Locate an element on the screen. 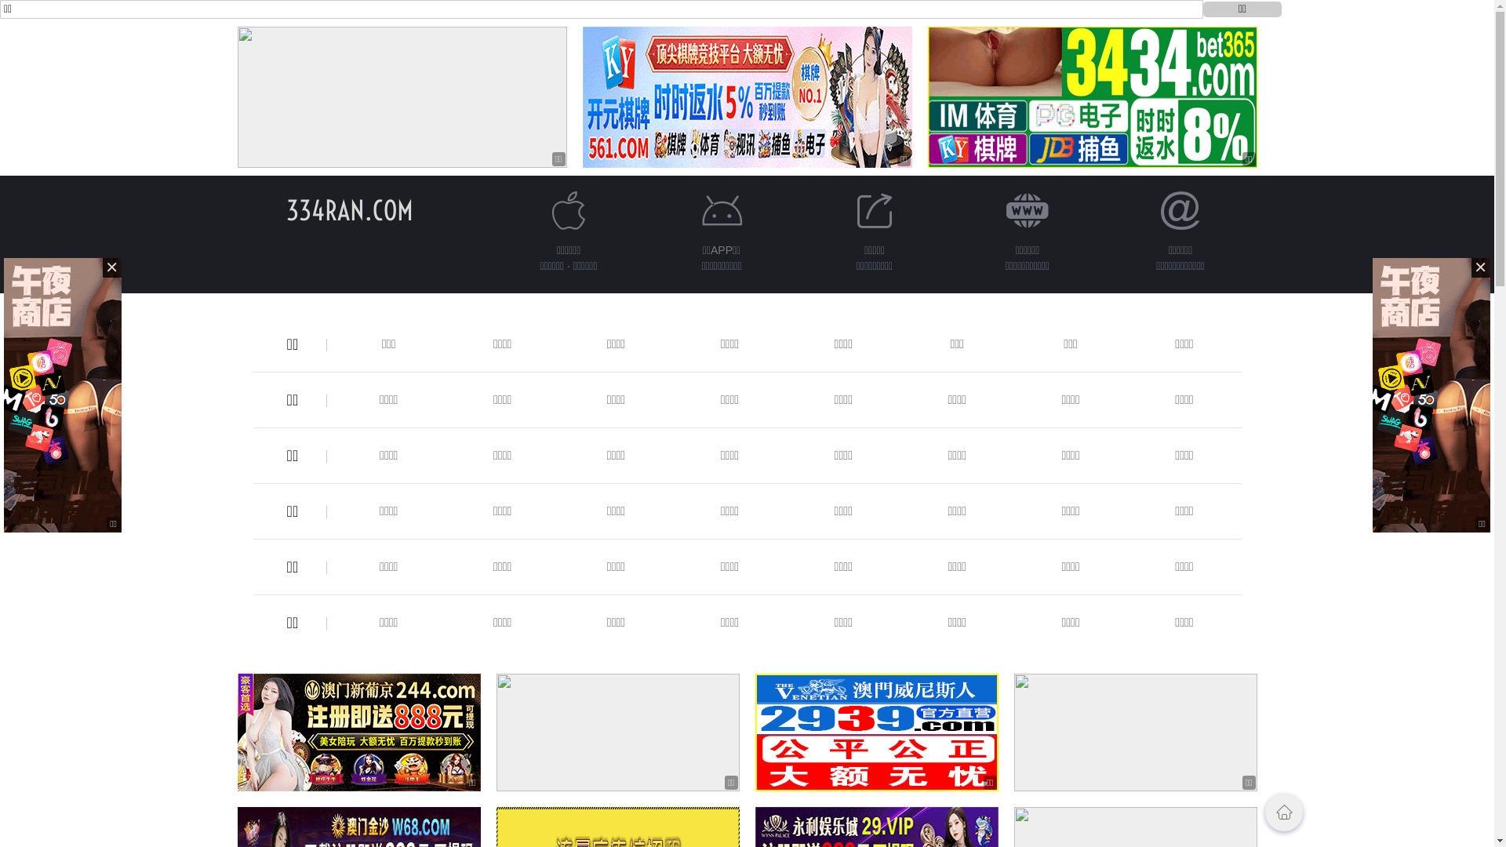  '334RAN.COM' is located at coordinates (348, 209).